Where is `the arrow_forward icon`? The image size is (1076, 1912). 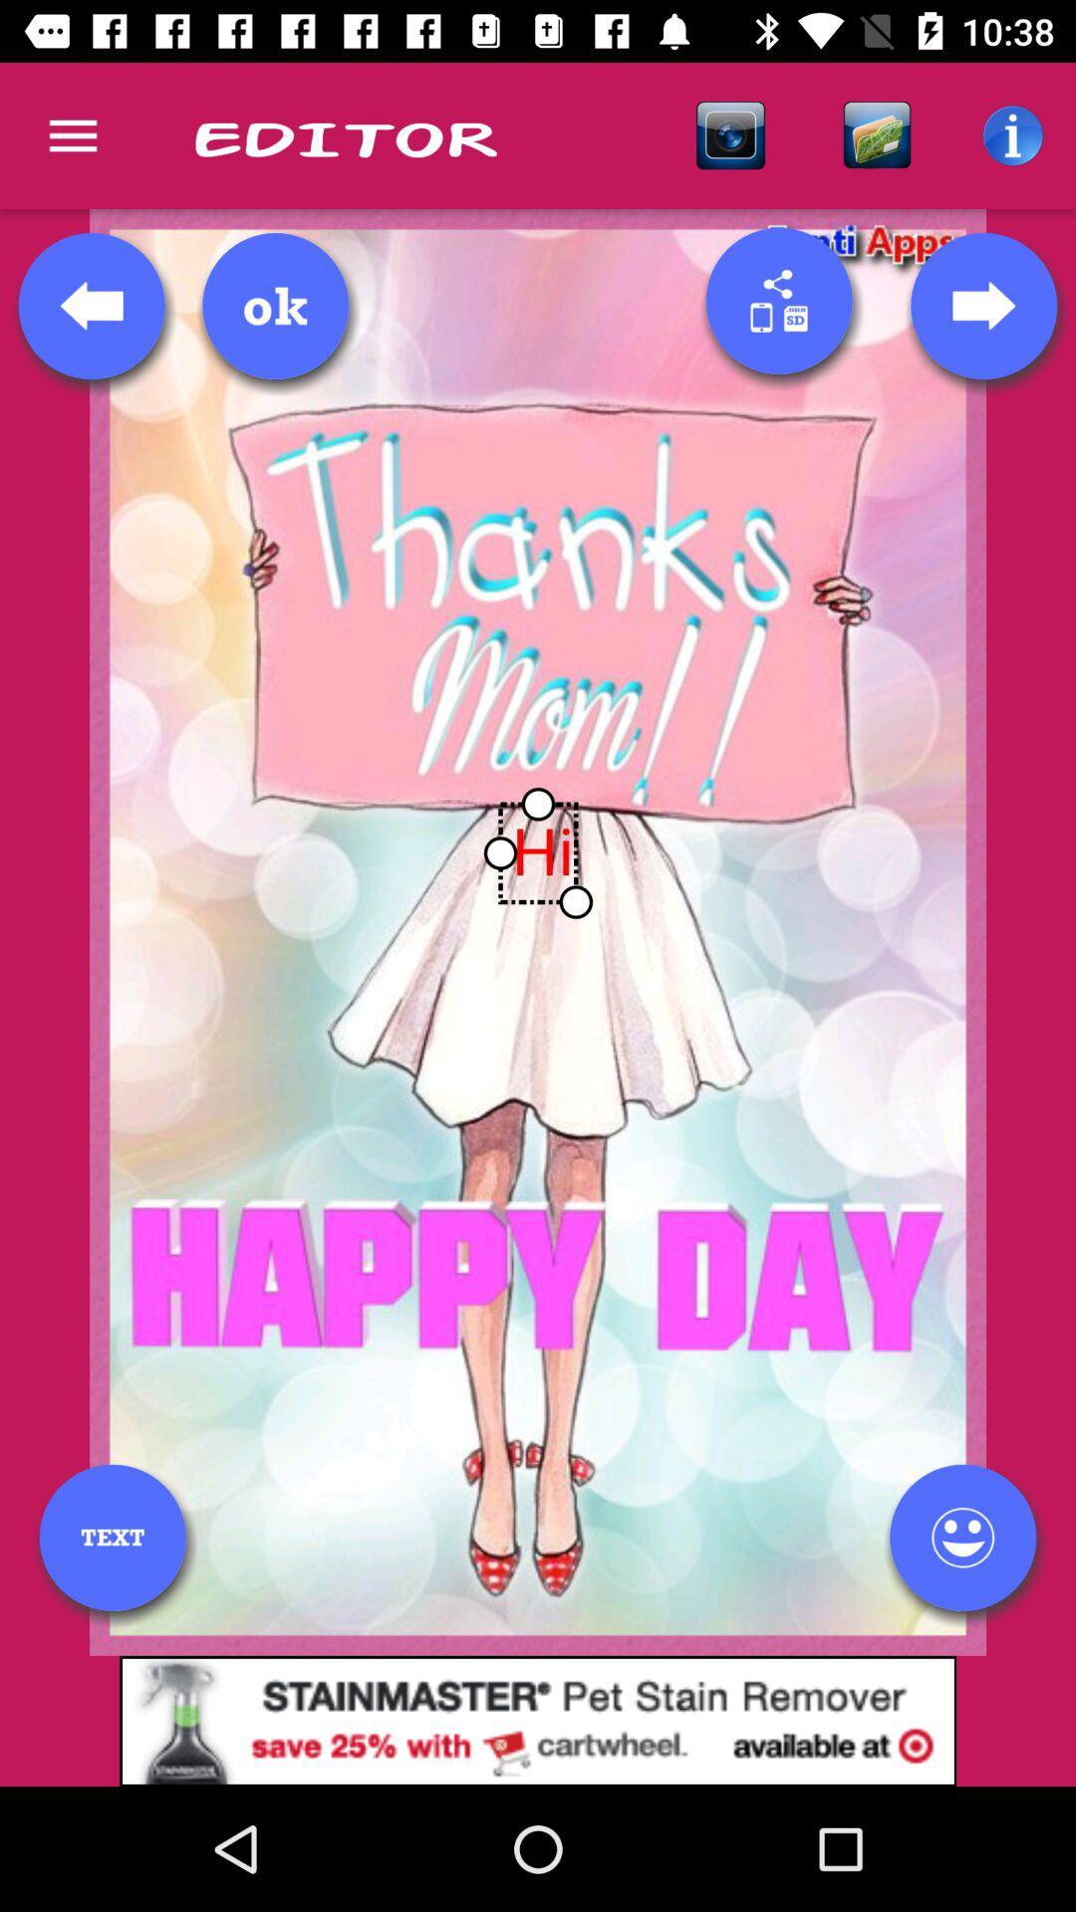
the arrow_forward icon is located at coordinates (982, 305).